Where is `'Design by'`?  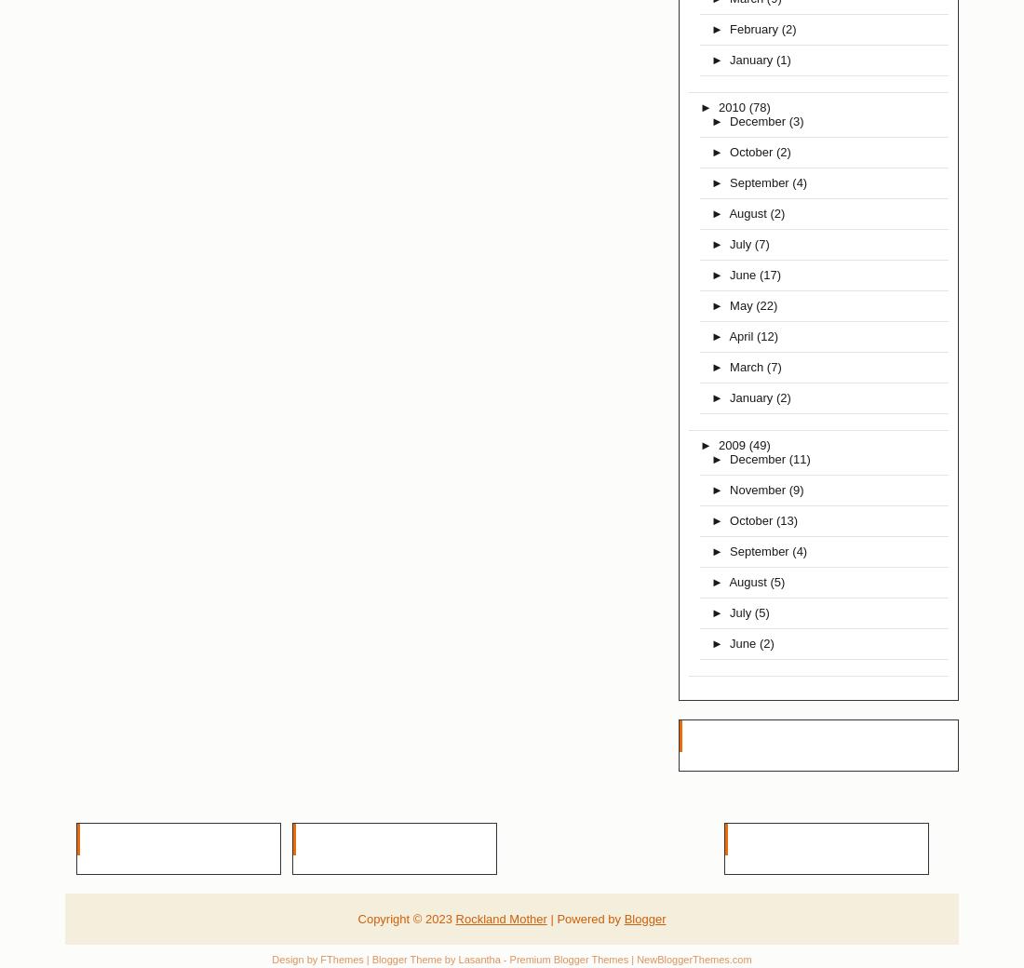 'Design by' is located at coordinates (271, 959).